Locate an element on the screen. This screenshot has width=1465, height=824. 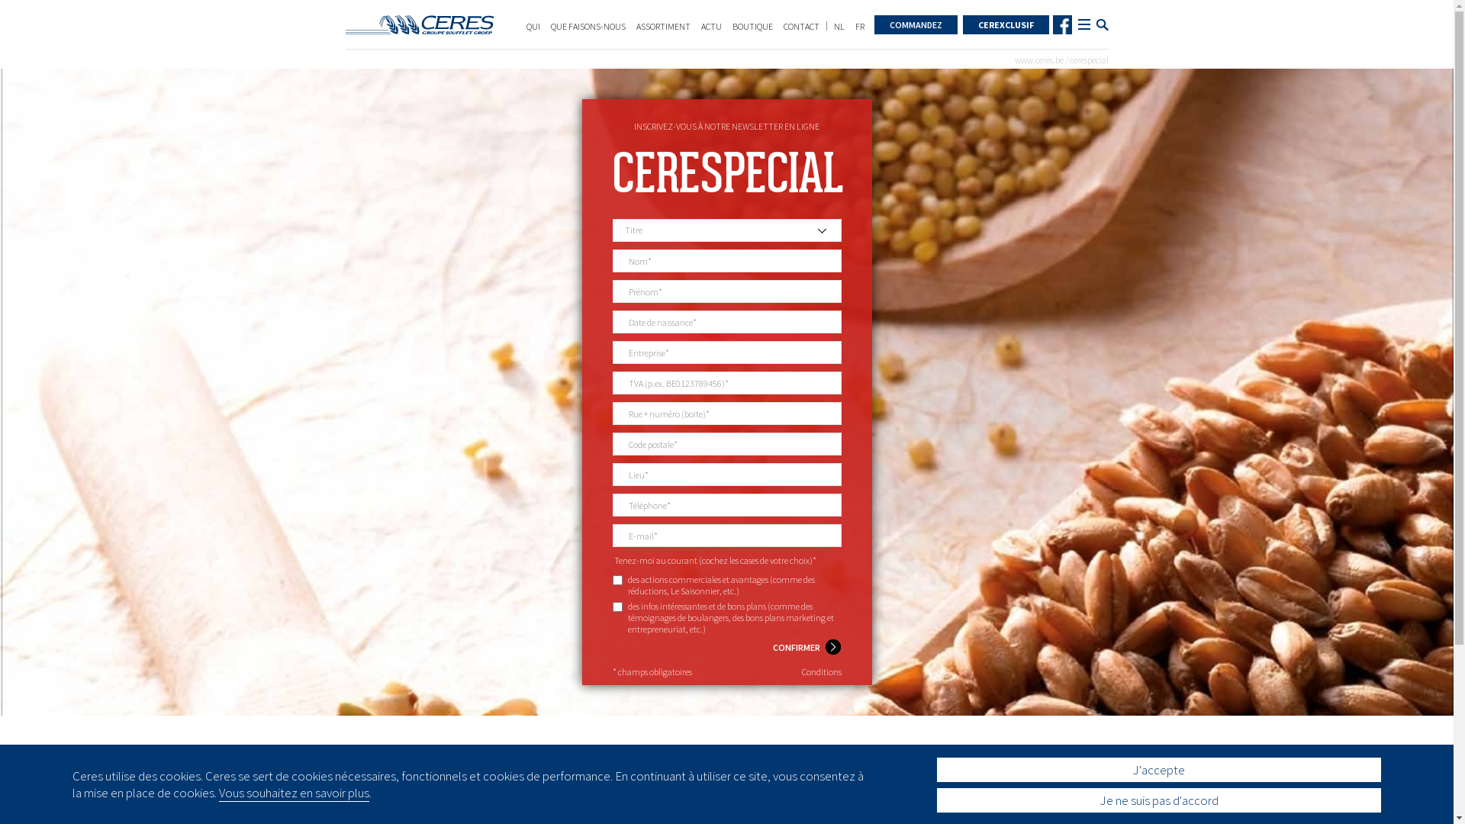
'NL' is located at coordinates (838, 26).